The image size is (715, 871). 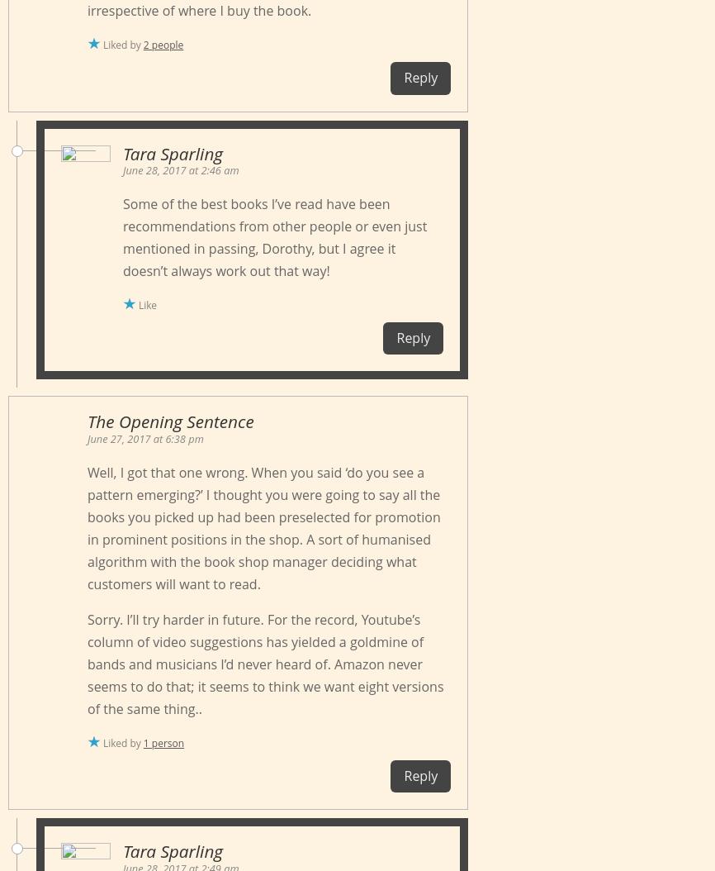 I want to click on 'June 28, 2017 at 2:46 am', so click(x=123, y=169).